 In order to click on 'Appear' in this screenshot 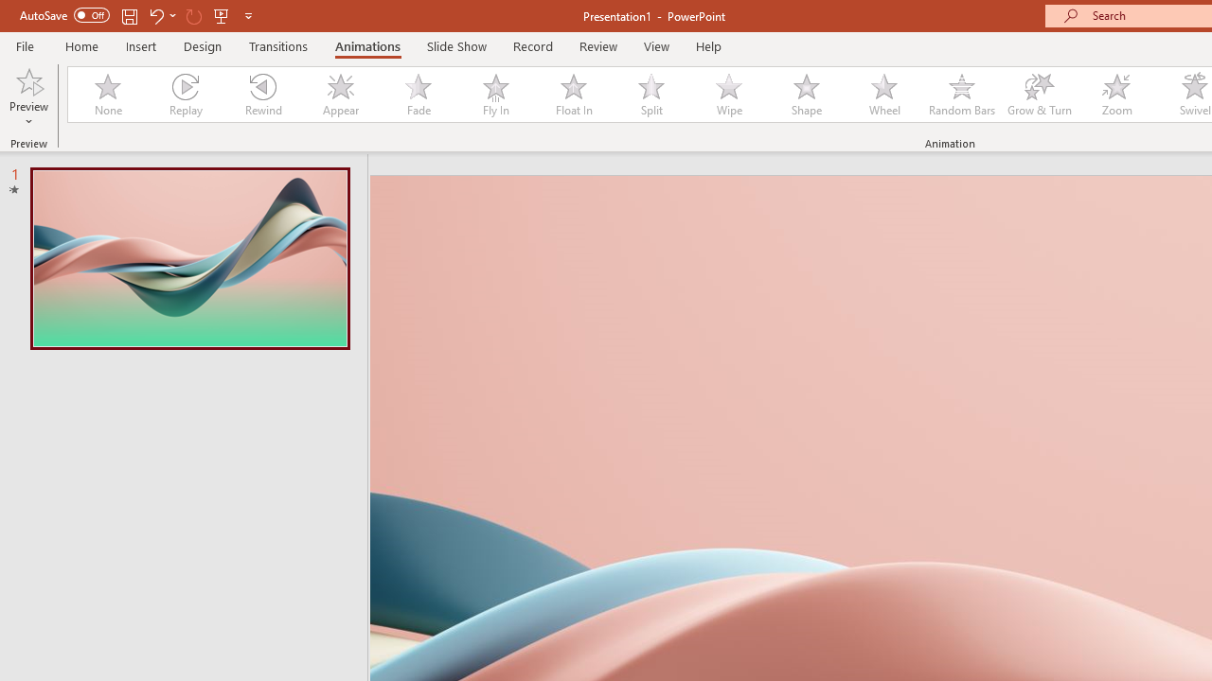, I will do `click(340, 95)`.